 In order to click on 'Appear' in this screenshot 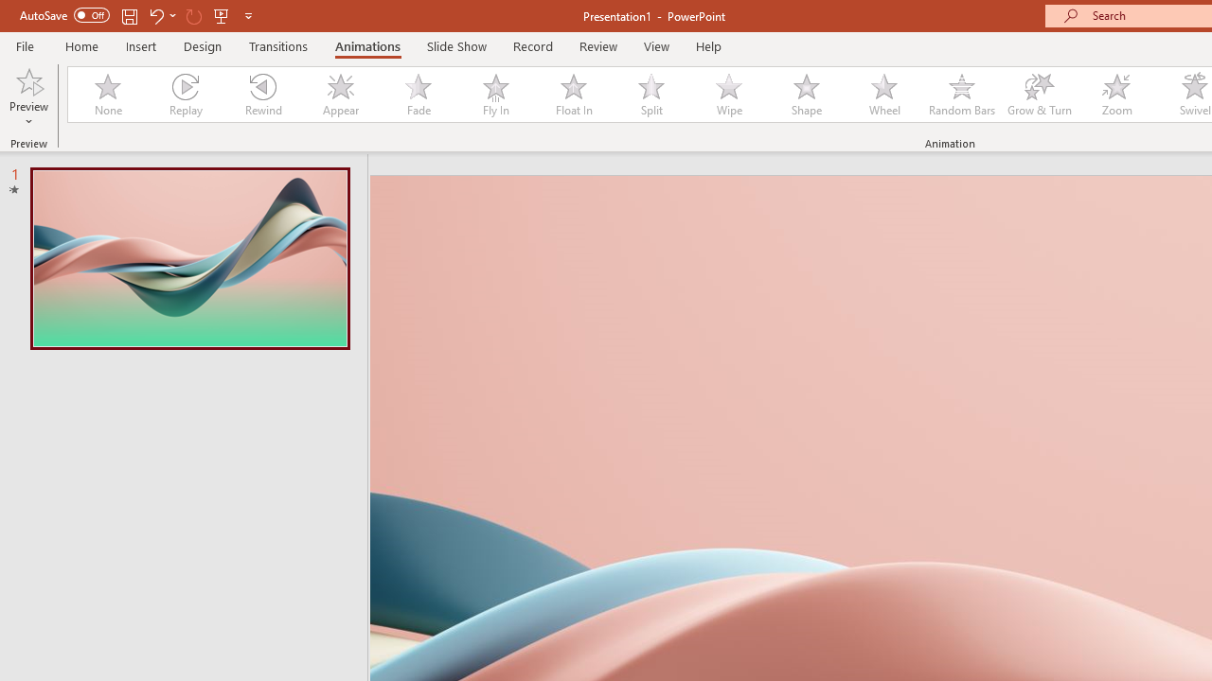, I will do `click(340, 95)`.